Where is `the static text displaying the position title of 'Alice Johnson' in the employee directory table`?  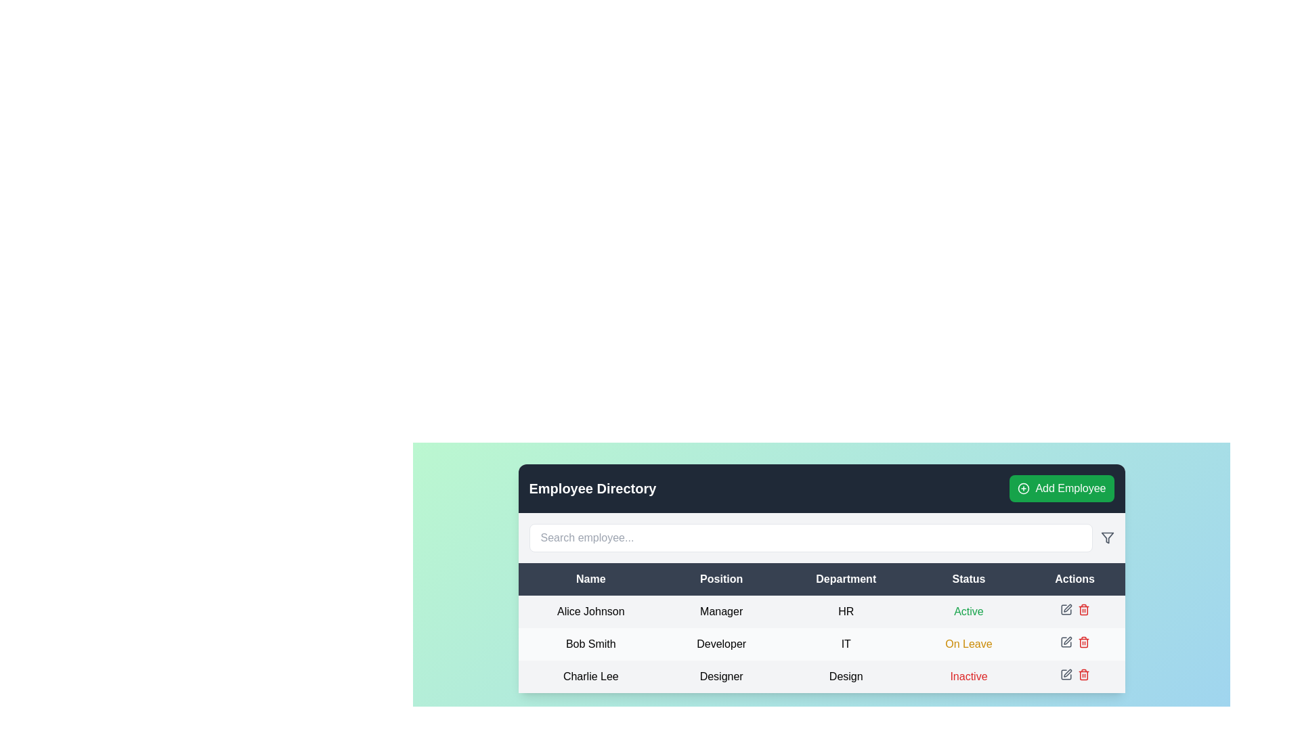 the static text displaying the position title of 'Alice Johnson' in the employee directory table is located at coordinates (720, 611).